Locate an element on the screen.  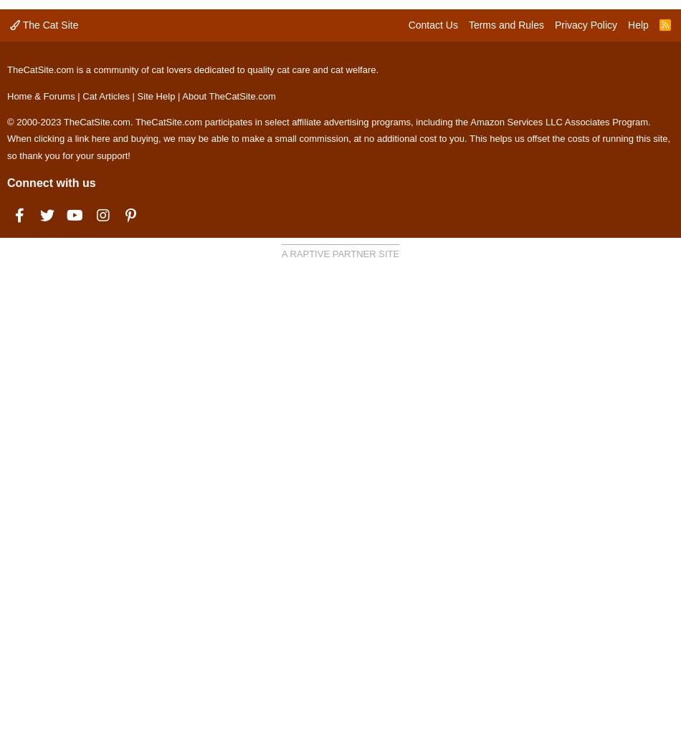
'About TheCatSite.com' is located at coordinates (228, 95).